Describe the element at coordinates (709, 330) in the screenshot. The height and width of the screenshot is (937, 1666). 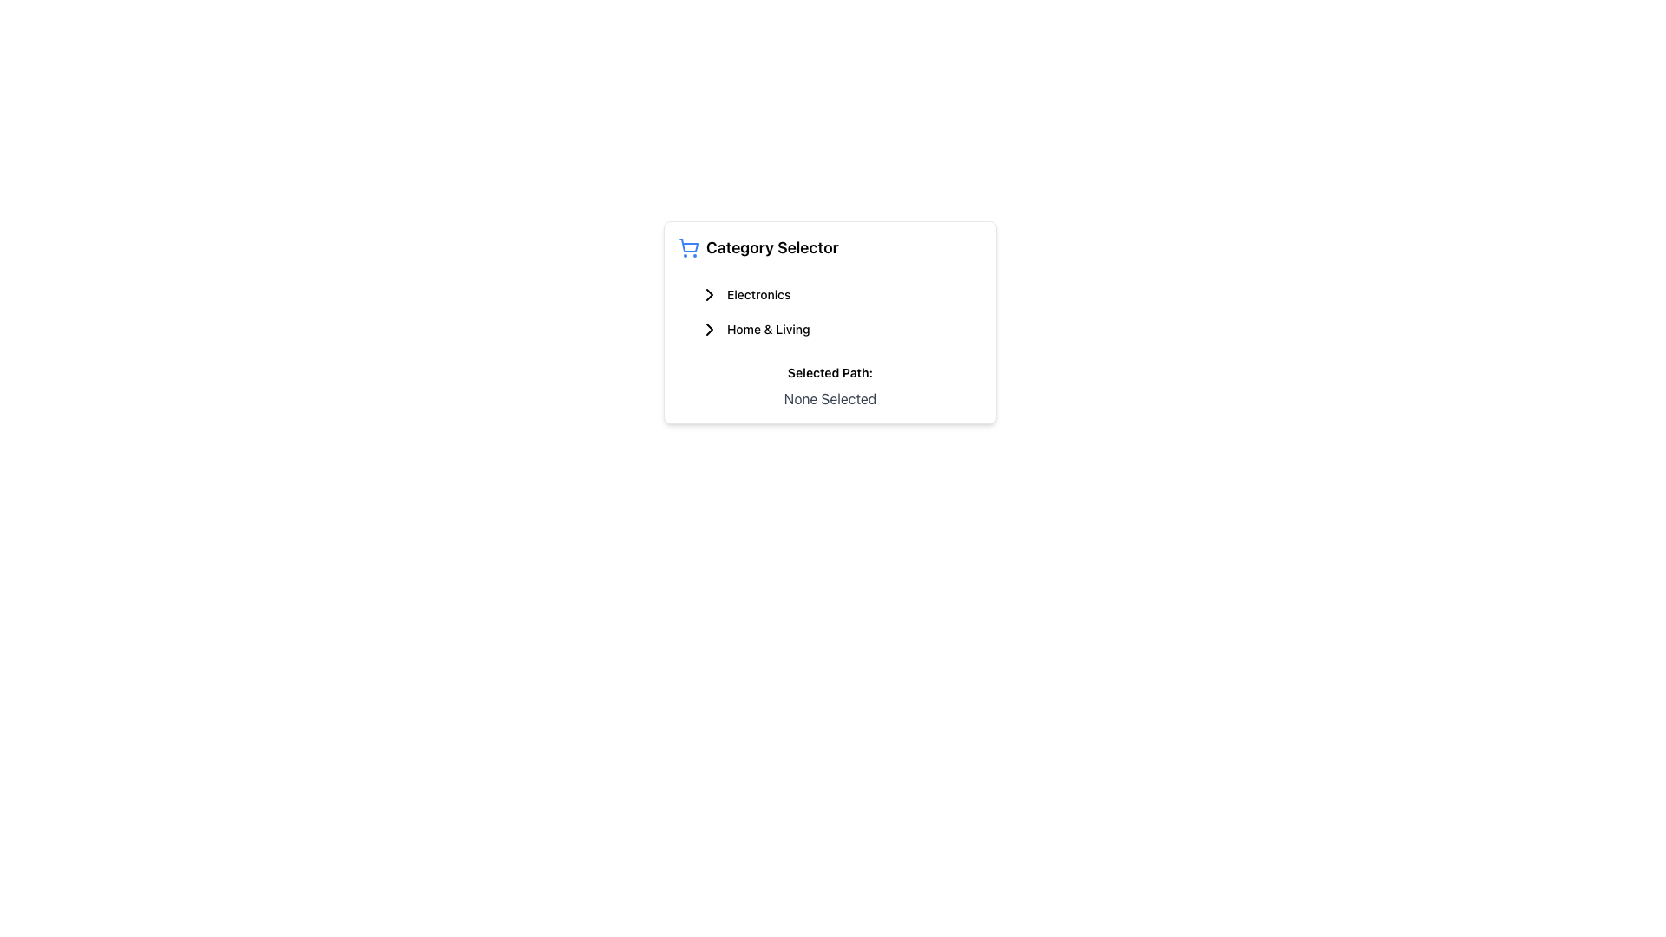
I see `the chevron icon indicating the expandable details for the 'Home & Living' category` at that location.